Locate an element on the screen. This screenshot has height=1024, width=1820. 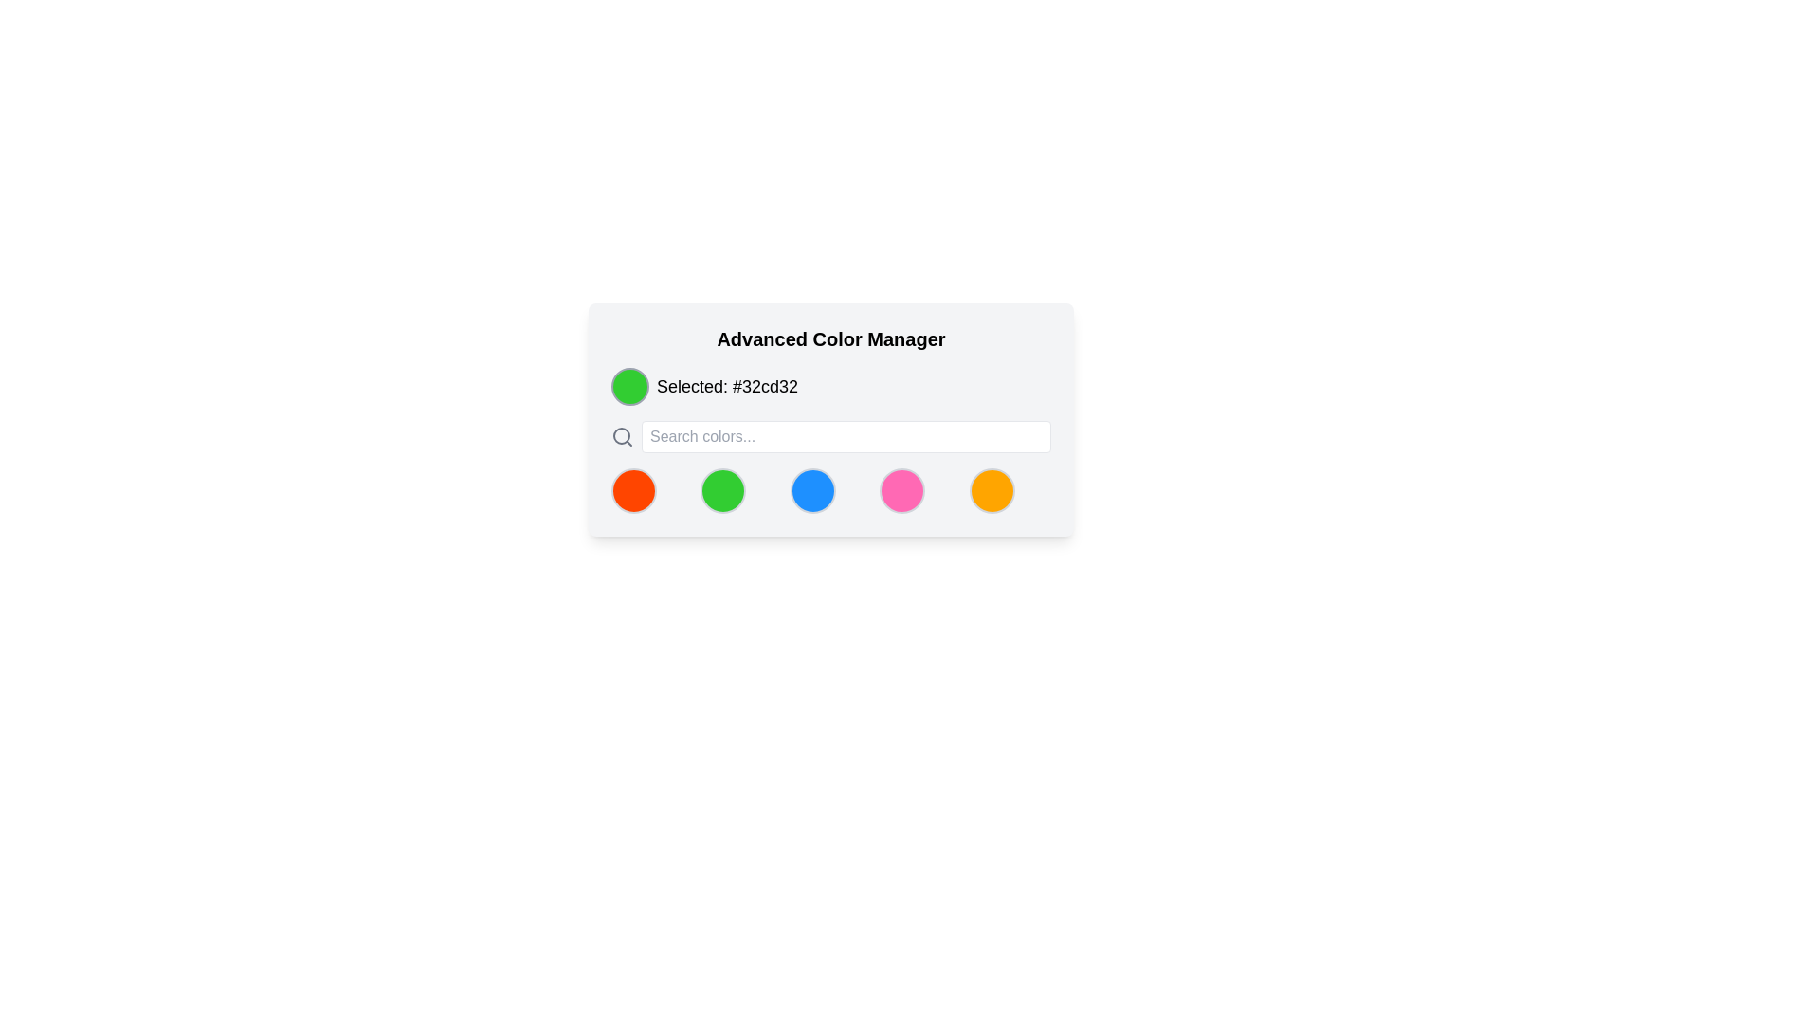
the circular search icon with a magnifying glass shape, styled in gray, located to the left of the 'Search colors...' text input field is located at coordinates (623, 437).